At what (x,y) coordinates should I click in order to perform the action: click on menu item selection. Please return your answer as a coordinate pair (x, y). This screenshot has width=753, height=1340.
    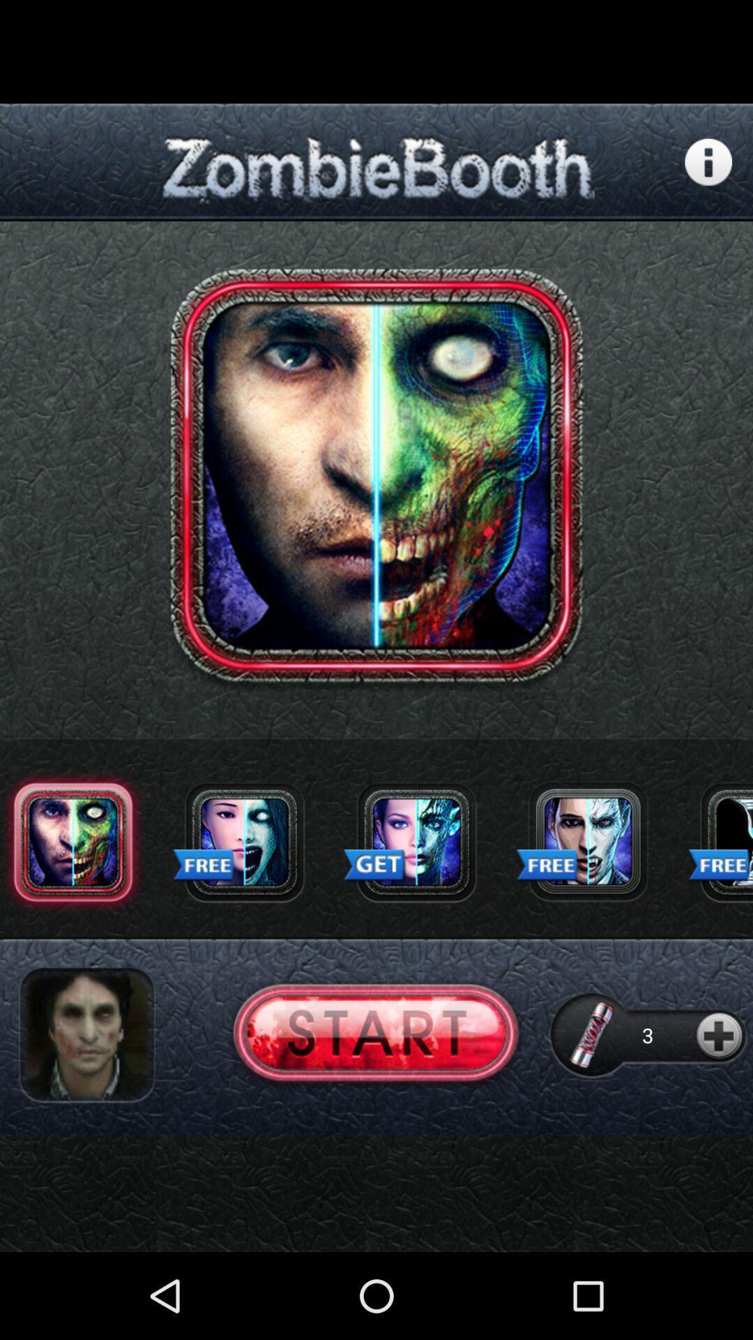
    Looking at the image, I should click on (720, 841).